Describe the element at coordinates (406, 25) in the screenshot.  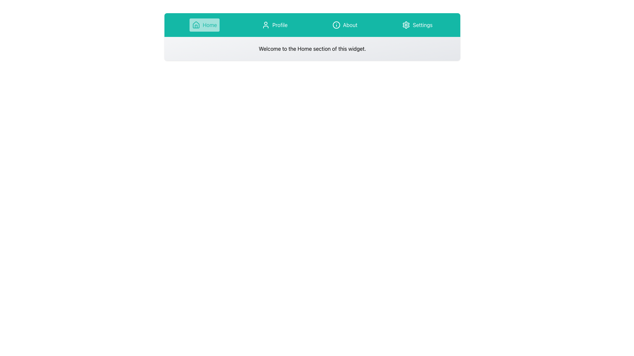
I see `the SVG-based gear icon representing the settings feature, located in the top navigation bar to the left of the 'Settings' text label` at that location.